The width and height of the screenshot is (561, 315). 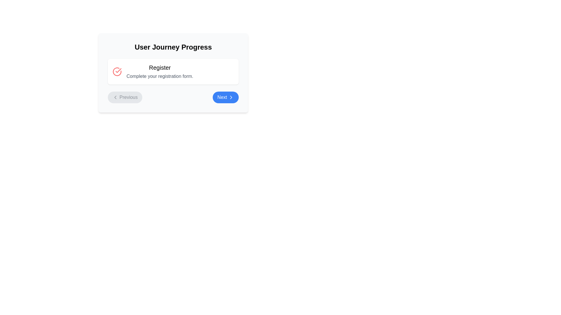 What do you see at coordinates (160, 67) in the screenshot?
I see `title or heading text of the registration card located at the center of the upper part of the card, which indicates the purpose of the subsequent content related to registering` at bounding box center [160, 67].